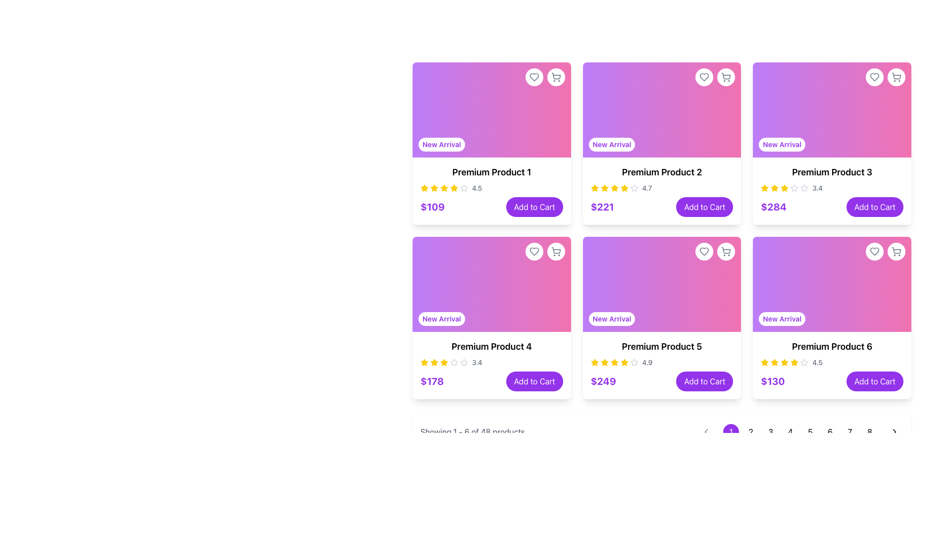 The height and width of the screenshot is (535, 951). Describe the element at coordinates (662, 346) in the screenshot. I see `the 'Premium Product 5' text element, which is displayed in bold and black within a card-like structure with a purple gradient background in the second row and second column of product cards` at that location.